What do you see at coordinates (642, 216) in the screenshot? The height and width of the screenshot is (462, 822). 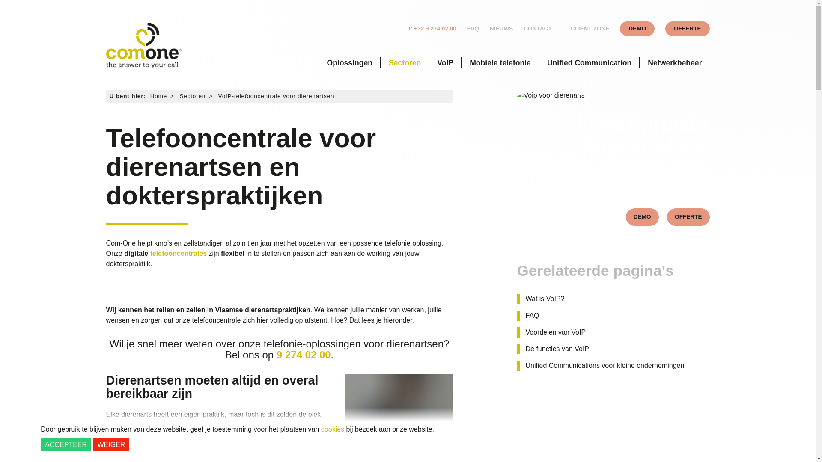 I see `'DEMO'` at bounding box center [642, 216].